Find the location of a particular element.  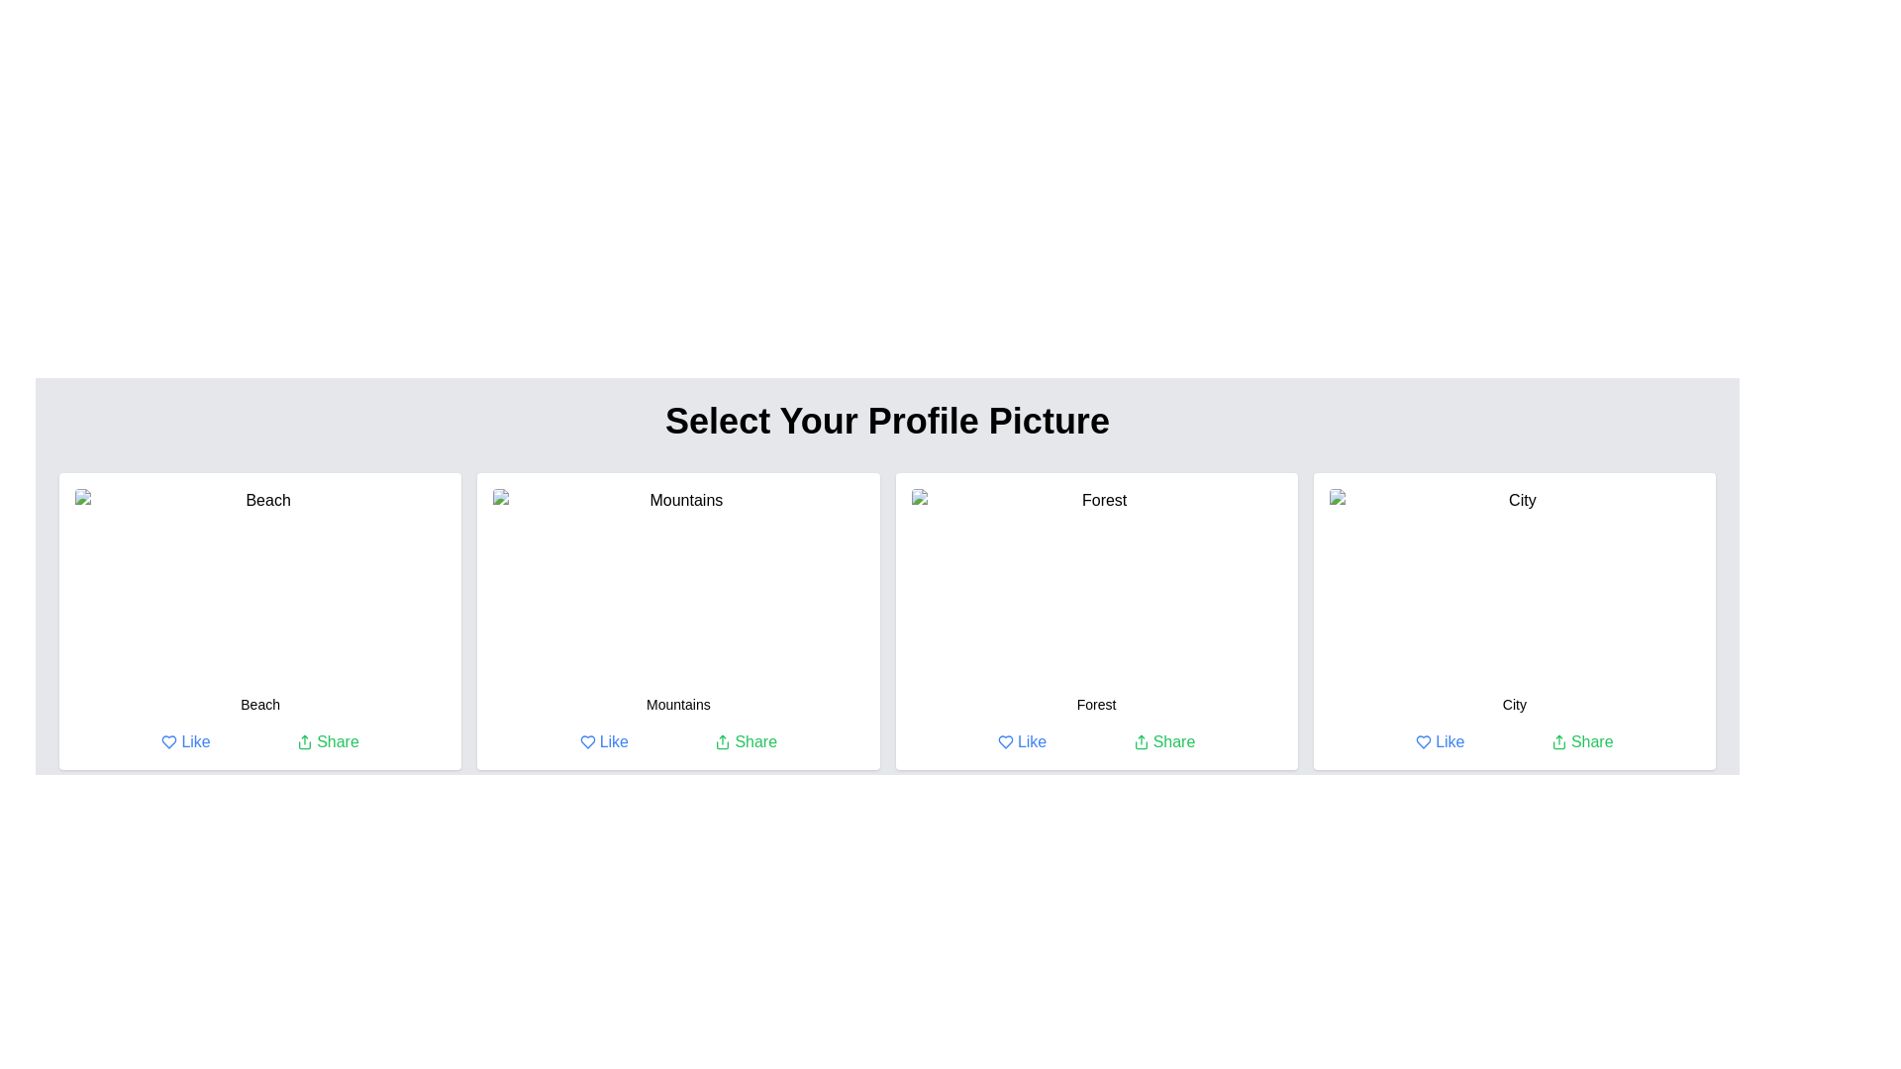

the blue 'Like' button with a heart-shaped icon, located below the 'Forest' image and to the left of the green 'Share' button, to like the associated content is located at coordinates (1022, 741).